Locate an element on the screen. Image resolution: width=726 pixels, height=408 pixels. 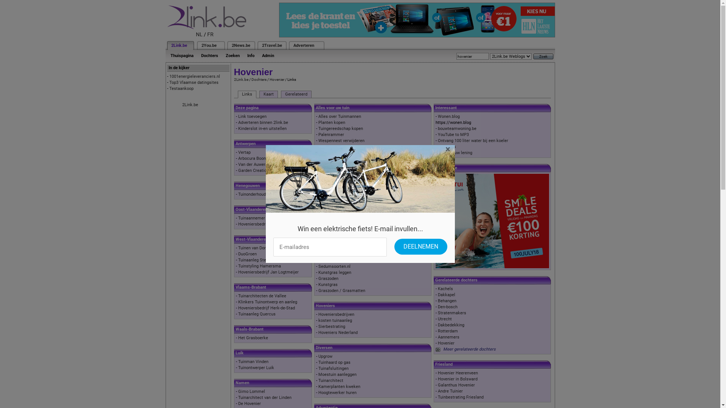
'Links' is located at coordinates (247, 94).